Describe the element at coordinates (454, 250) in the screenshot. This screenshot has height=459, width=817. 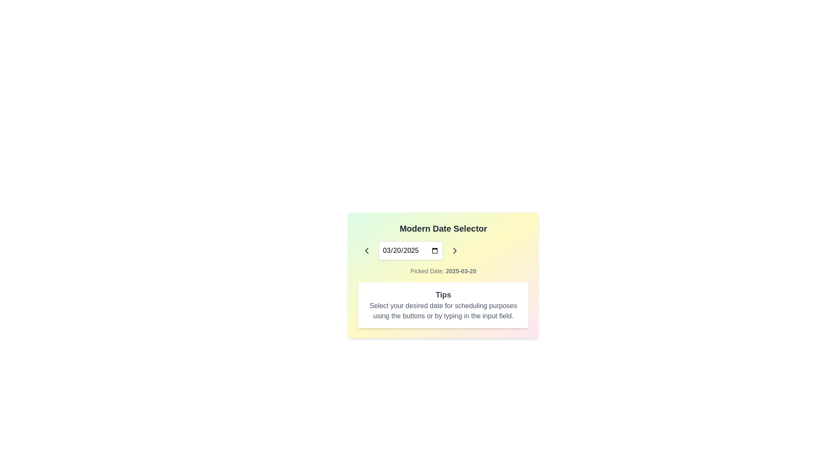
I see `the stylistic indication of the navigational control icon located to the immediate right of the date input field in the 'Modern Date Selector' panel` at that location.